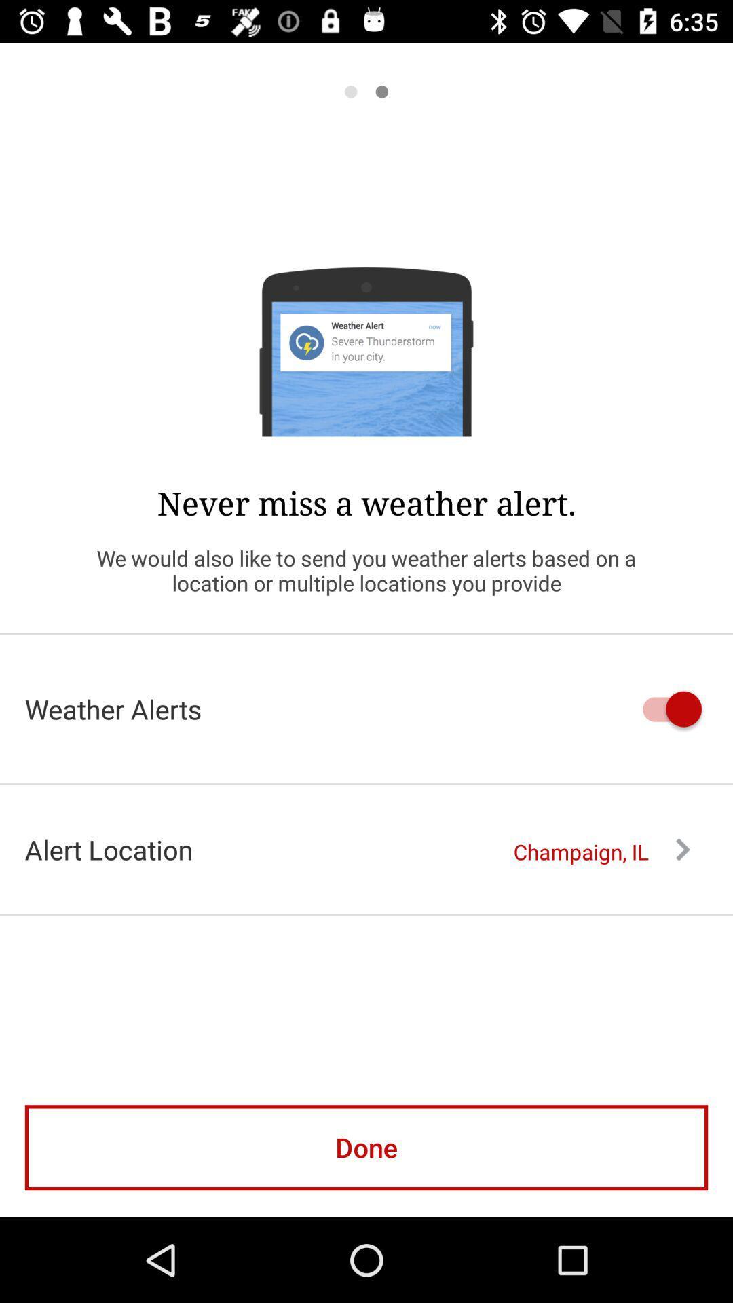  I want to click on the champaign, il icon, so click(601, 851).